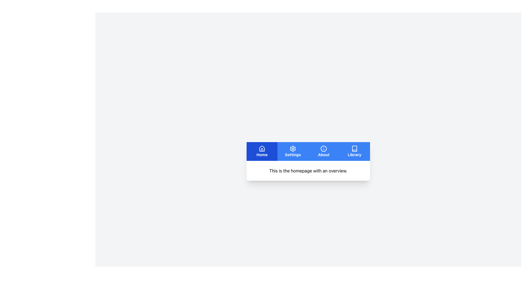 This screenshot has height=298, width=529. I want to click on the 'Library' icon in the bottom-center navigation bar, so click(354, 148).